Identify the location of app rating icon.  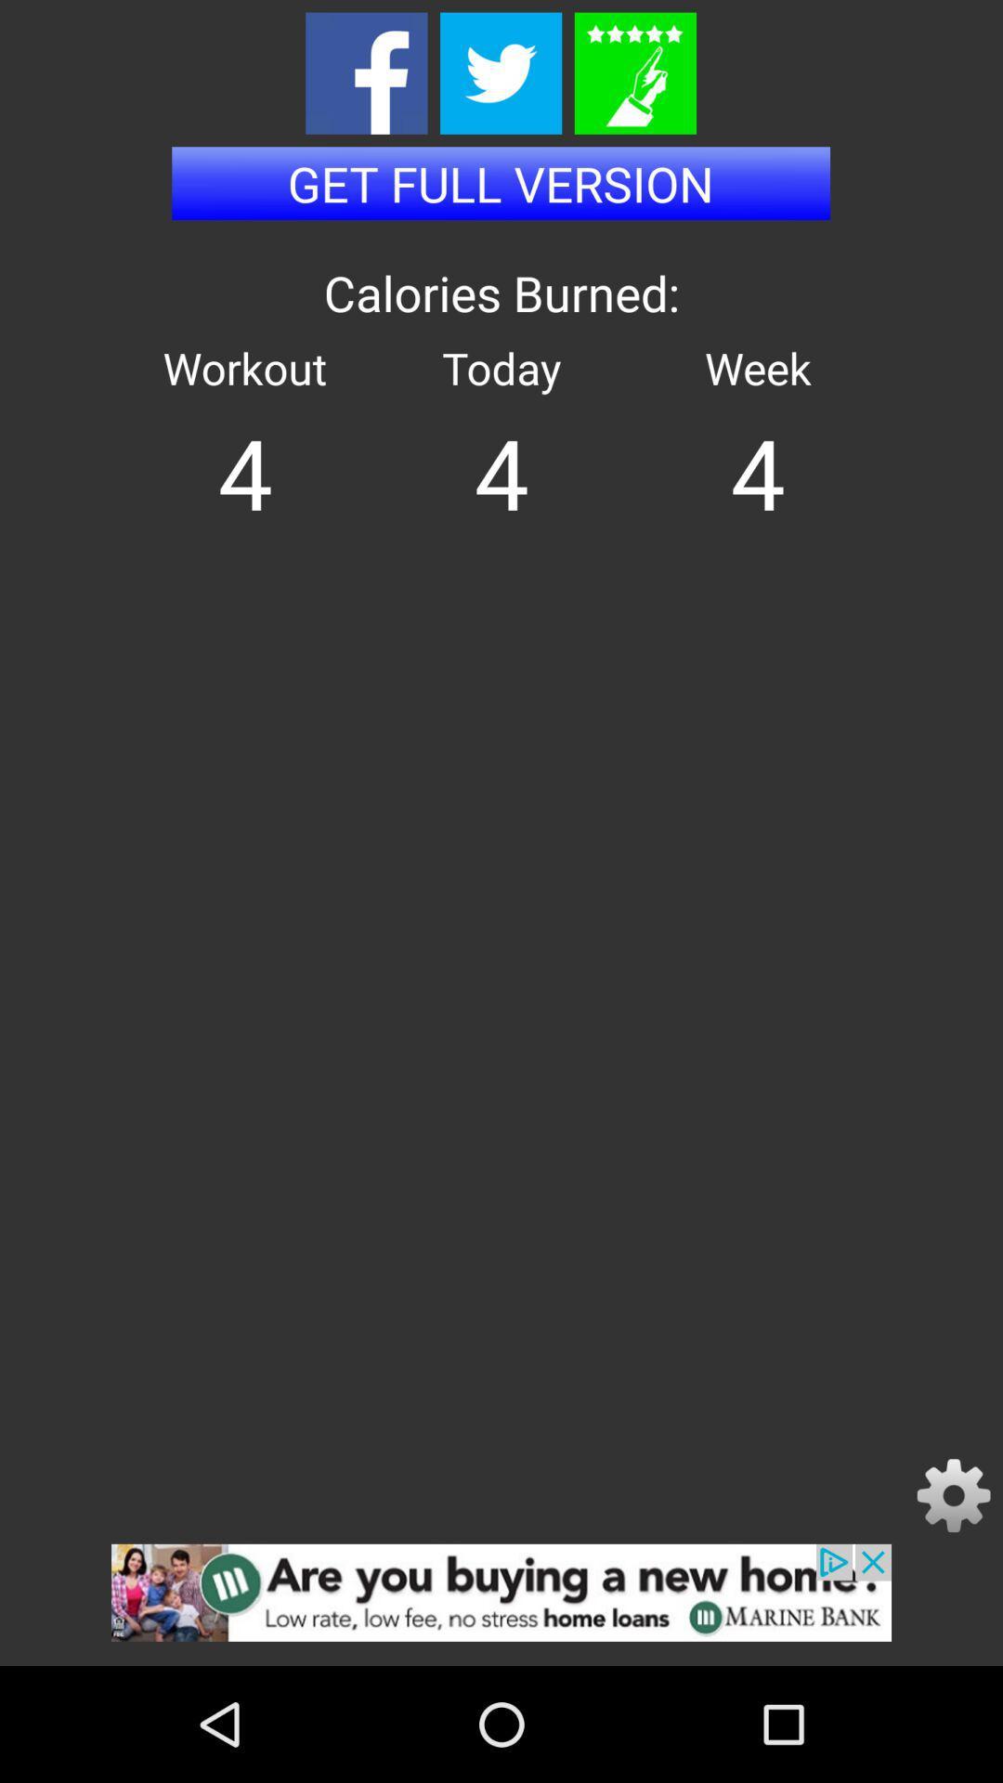
(634, 73).